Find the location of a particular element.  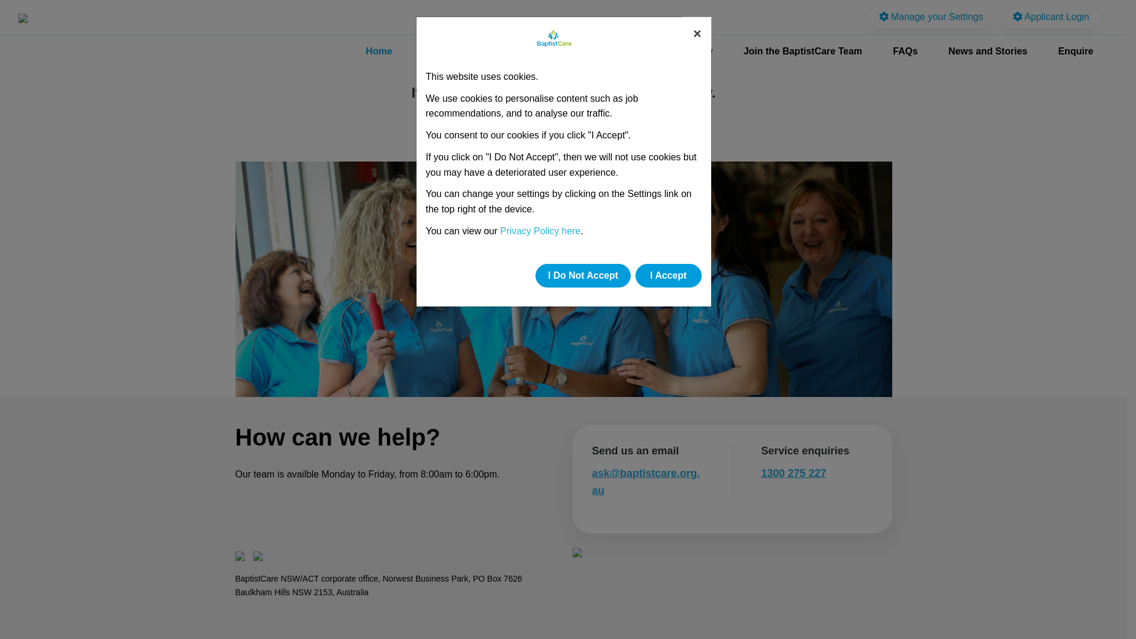

'Privacy Policy here' is located at coordinates (539, 231).